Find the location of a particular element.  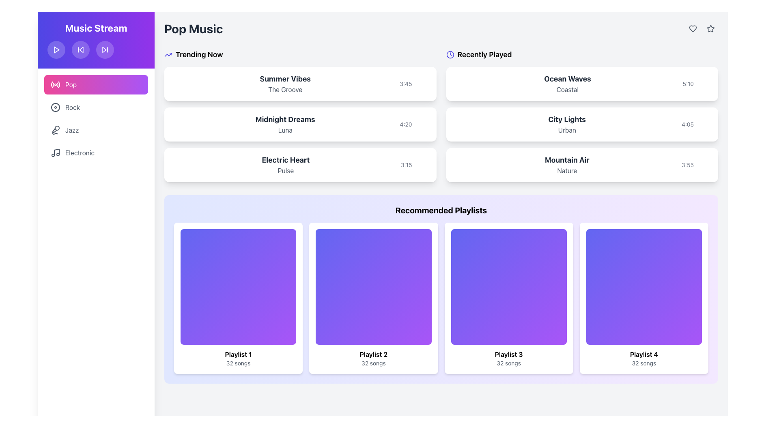

keyboard navigation is located at coordinates (710, 28).